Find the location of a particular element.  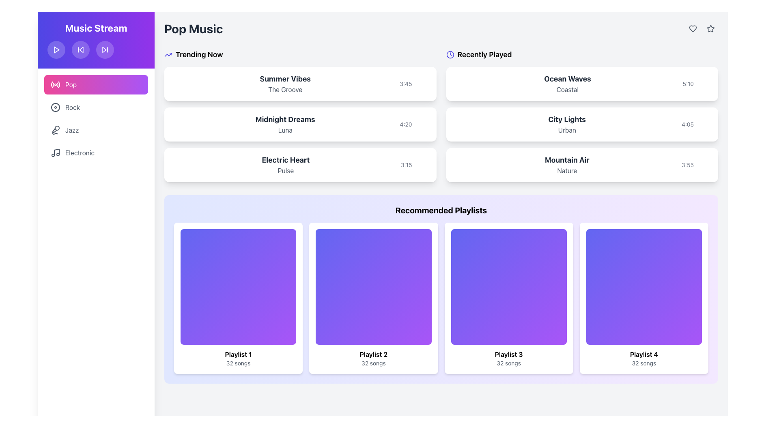

keyboard navigation is located at coordinates (710, 28).